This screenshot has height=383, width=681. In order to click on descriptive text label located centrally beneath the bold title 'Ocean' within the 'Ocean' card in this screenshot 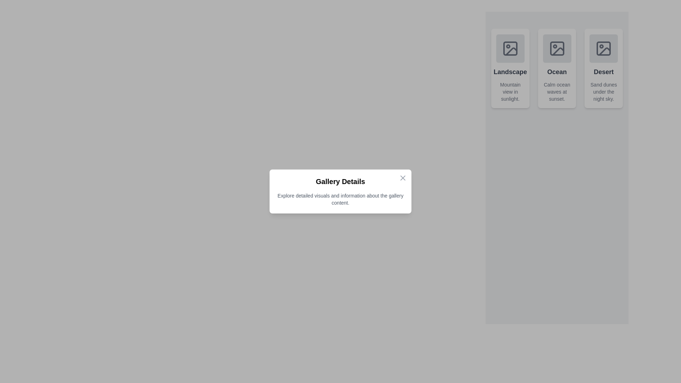, I will do `click(557, 91)`.